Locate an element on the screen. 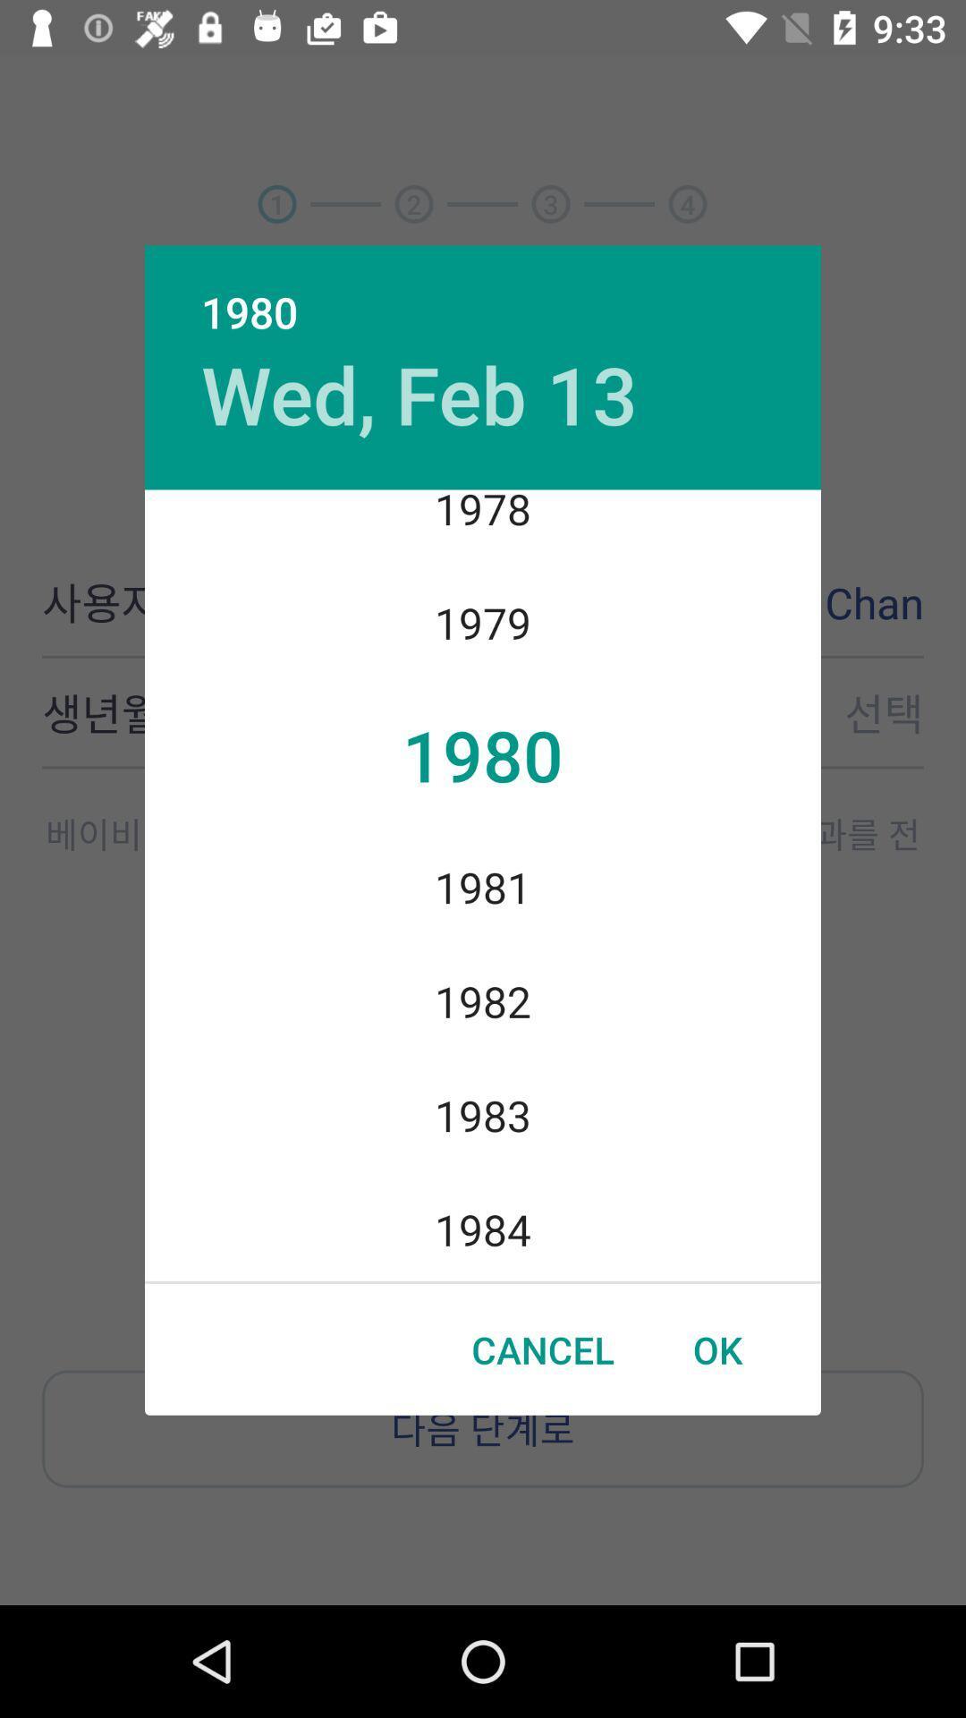 Image resolution: width=966 pixels, height=1718 pixels. item to the left of the ok item is located at coordinates (542, 1349).